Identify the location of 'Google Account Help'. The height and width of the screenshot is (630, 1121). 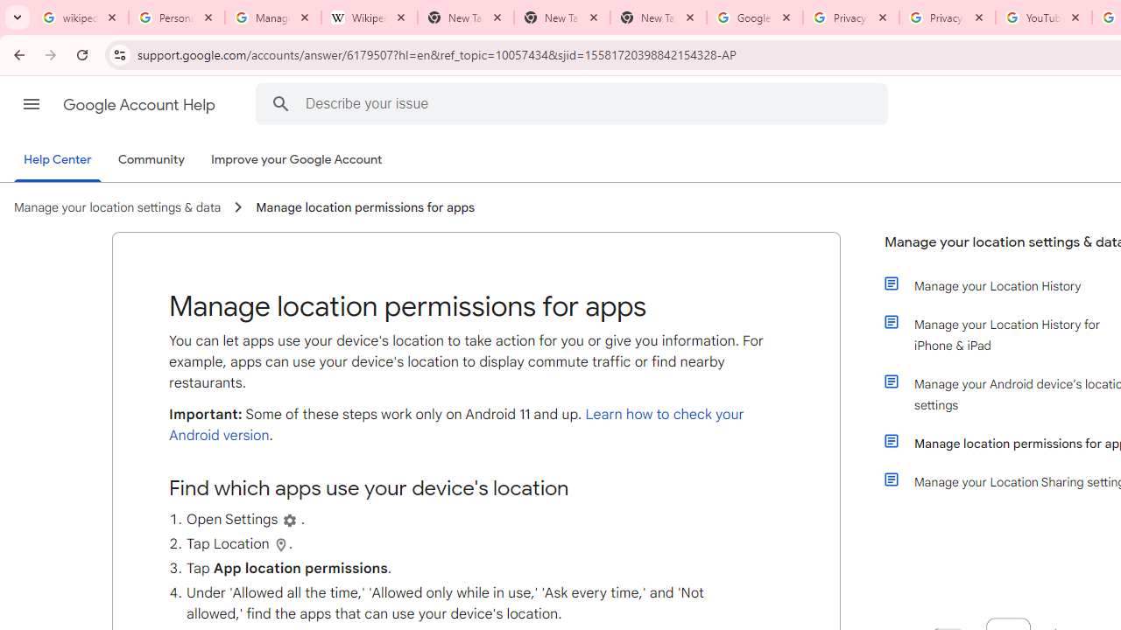
(140, 104).